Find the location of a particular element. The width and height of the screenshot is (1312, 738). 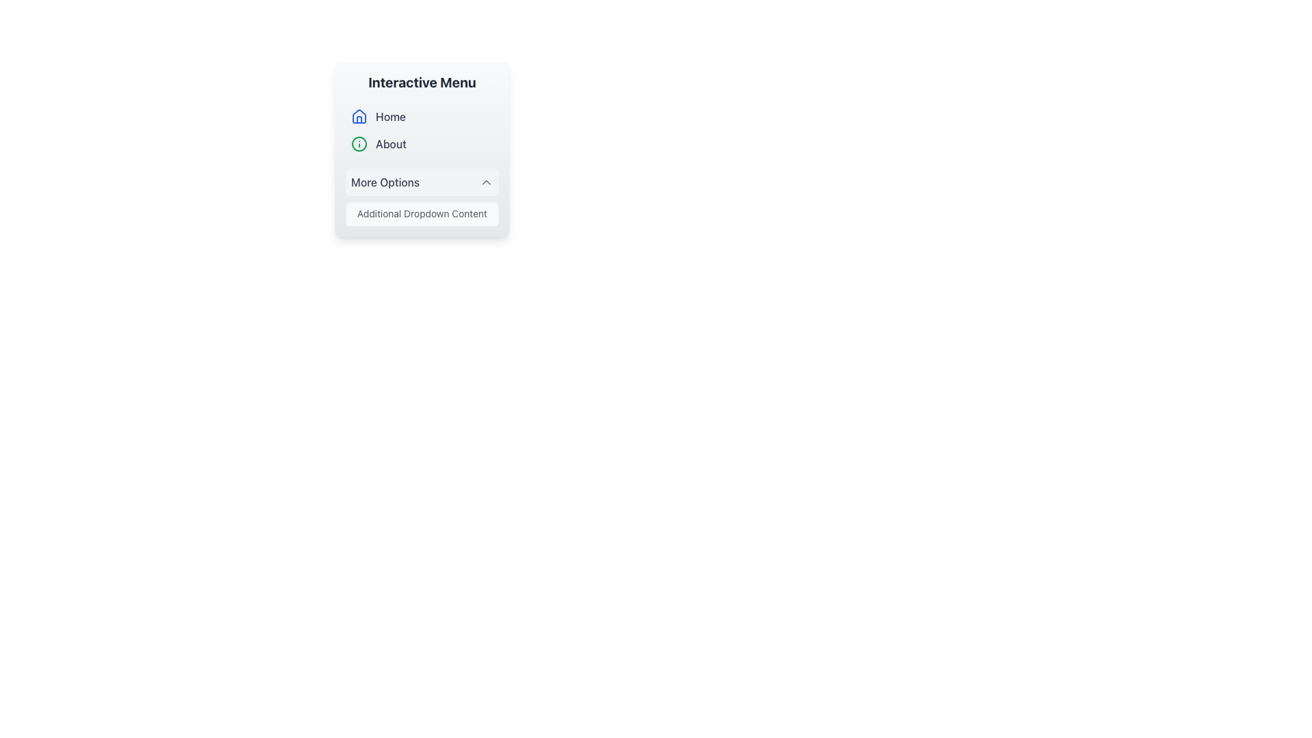

the Text Label that serves as a menu option identifier for an expandable dropdown menu located below 'Home' and 'About' is located at coordinates (385, 181).